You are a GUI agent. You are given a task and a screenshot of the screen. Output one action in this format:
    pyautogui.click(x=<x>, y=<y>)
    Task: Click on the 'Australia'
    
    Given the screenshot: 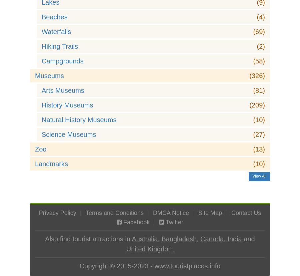 What is the action you would take?
    pyautogui.click(x=144, y=239)
    